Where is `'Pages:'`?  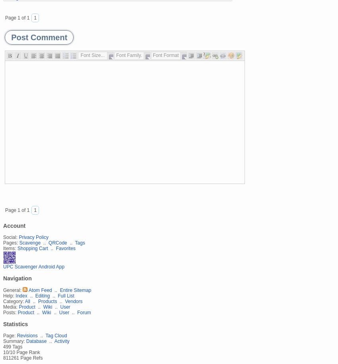
'Pages:' is located at coordinates (10, 242).